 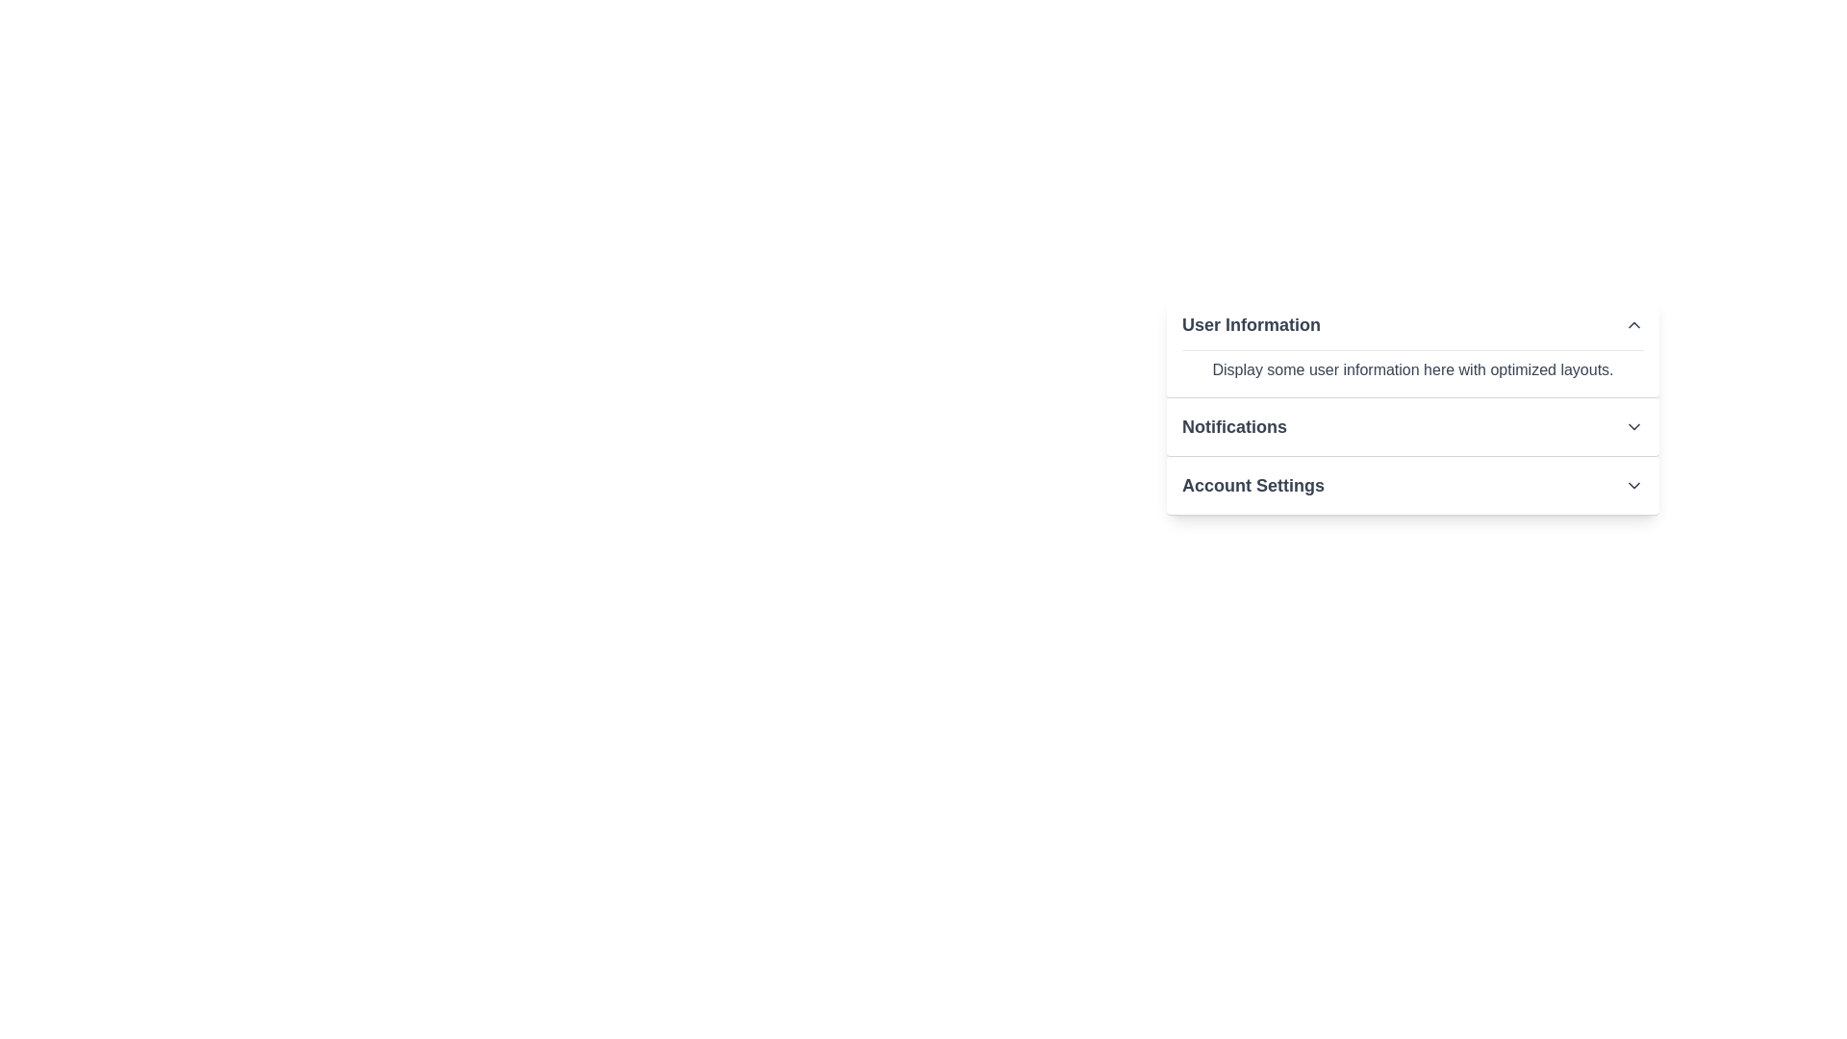 What do you see at coordinates (1234, 425) in the screenshot?
I see `the 'Notifications' text header, which is bolded and enlarged in dark gray font, located in the second section of a vertically stacked list interface` at bounding box center [1234, 425].